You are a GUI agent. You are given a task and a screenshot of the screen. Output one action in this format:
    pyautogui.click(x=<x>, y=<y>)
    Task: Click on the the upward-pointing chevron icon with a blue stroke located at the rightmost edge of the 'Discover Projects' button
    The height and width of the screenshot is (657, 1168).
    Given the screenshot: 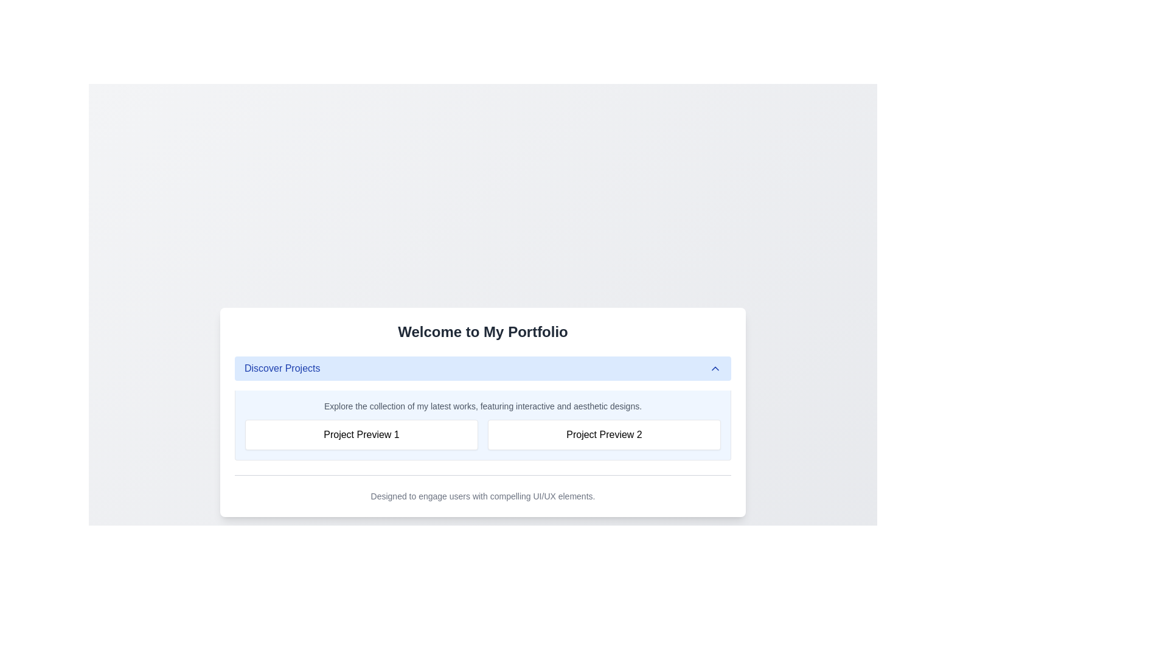 What is the action you would take?
    pyautogui.click(x=715, y=367)
    